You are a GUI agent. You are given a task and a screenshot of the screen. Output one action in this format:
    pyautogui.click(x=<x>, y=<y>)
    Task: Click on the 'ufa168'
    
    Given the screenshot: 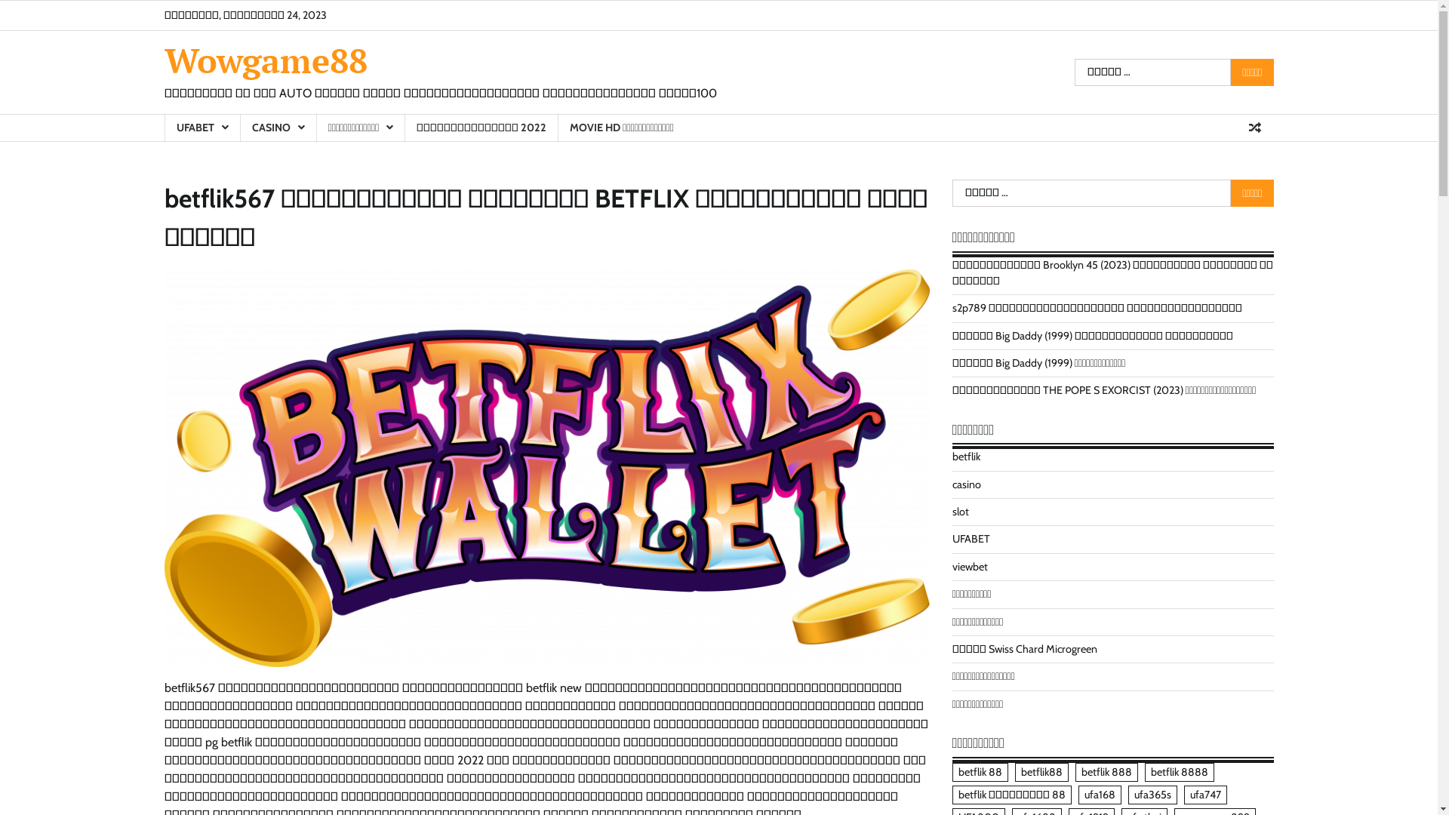 What is the action you would take?
    pyautogui.click(x=1099, y=794)
    